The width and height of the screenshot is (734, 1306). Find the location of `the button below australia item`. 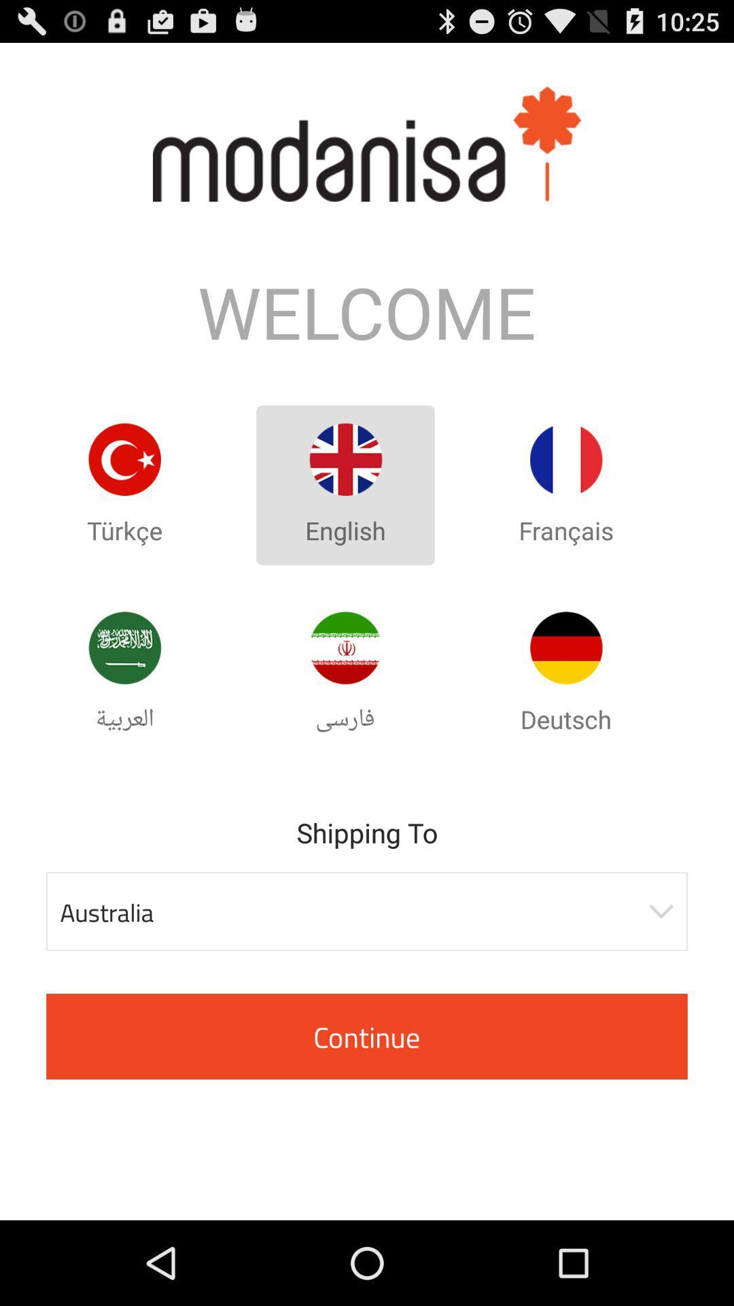

the button below australia item is located at coordinates (367, 1036).